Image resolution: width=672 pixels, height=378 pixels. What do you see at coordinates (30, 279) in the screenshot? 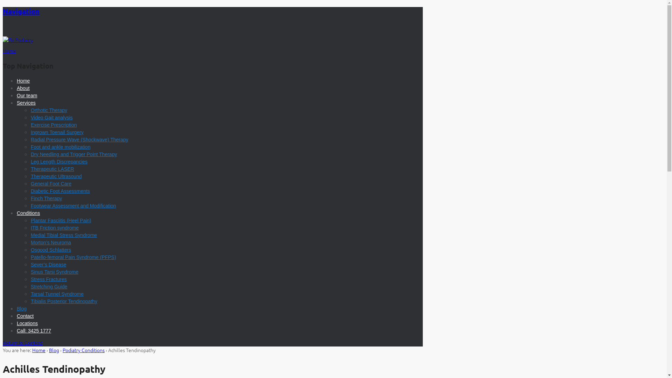
I see `'Stress Fractures'` at bounding box center [30, 279].